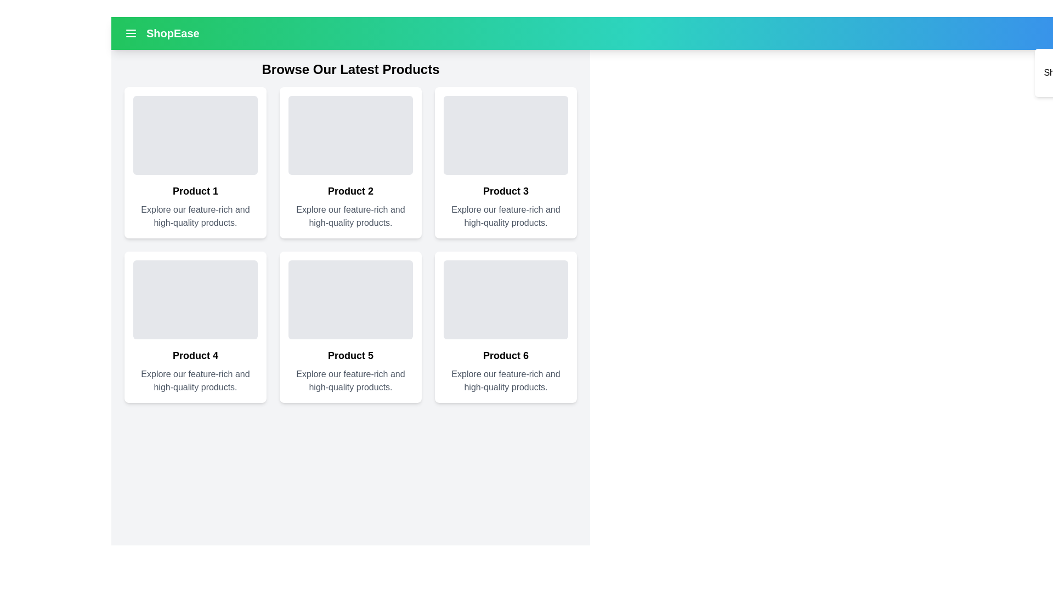 This screenshot has height=592, width=1053. I want to click on the image placeholder for 'Product 3', which is located at the top of the section above its title and description, so click(505, 134).